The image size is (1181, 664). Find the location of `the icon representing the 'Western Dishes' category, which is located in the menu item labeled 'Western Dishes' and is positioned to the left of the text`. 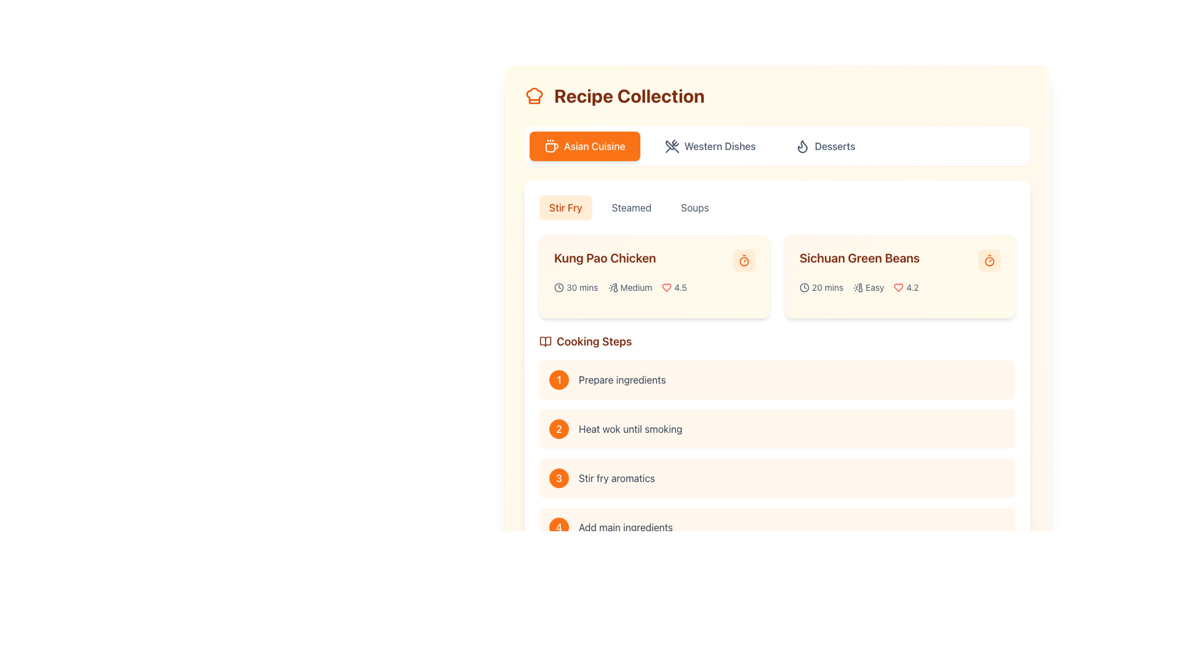

the icon representing the 'Western Dishes' category, which is located in the menu item labeled 'Western Dishes' and is positioned to the left of the text is located at coordinates (671, 146).